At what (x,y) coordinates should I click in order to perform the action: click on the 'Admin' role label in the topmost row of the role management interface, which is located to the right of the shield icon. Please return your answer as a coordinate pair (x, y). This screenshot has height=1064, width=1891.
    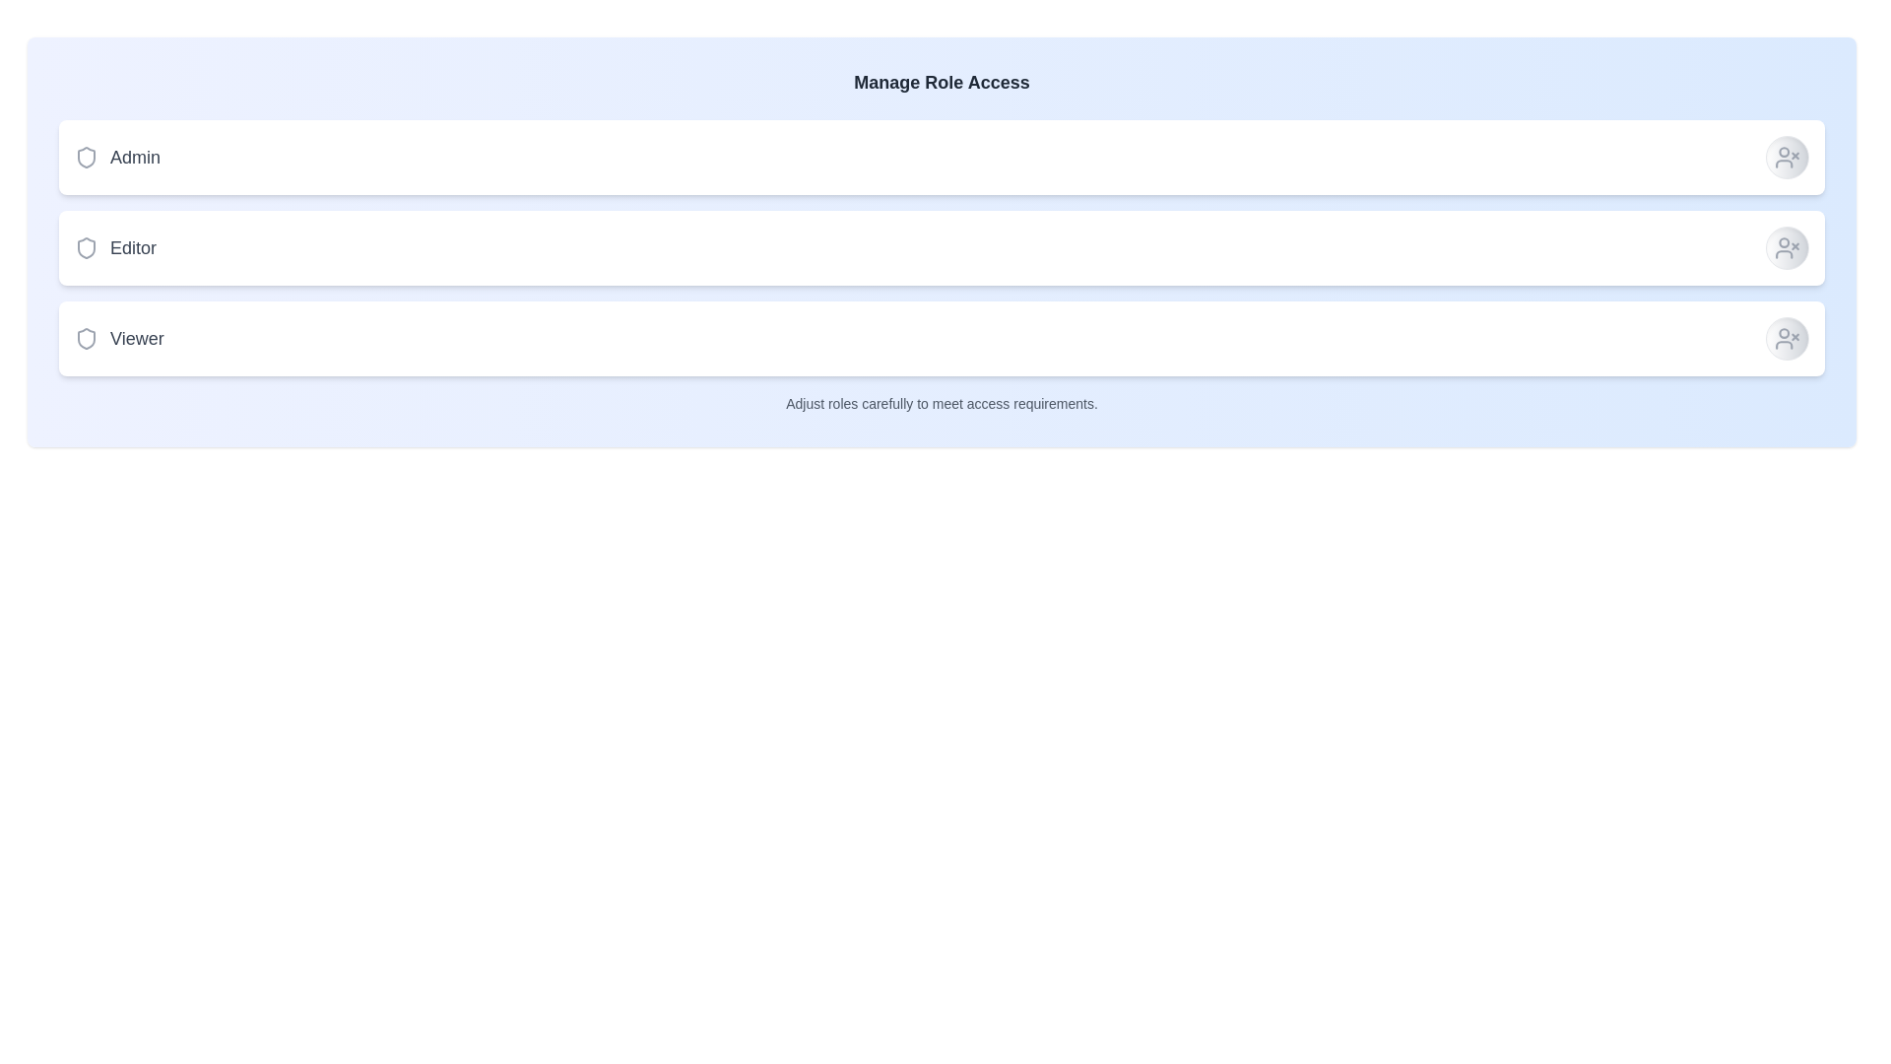
    Looking at the image, I should click on (116, 156).